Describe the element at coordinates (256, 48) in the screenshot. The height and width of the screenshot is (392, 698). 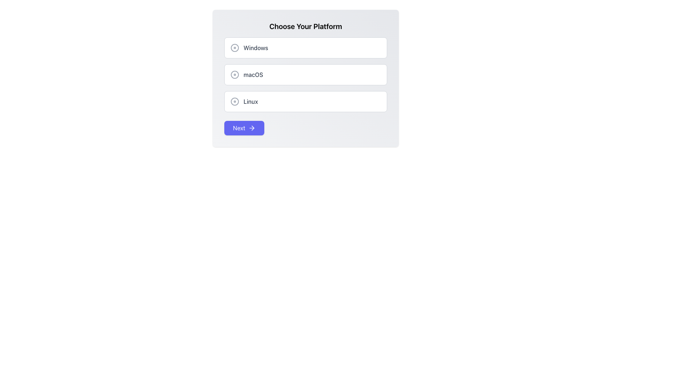
I see `text of the label displaying 'Windows' which is styled with a medium font weight and gray color, located in the first option of the 'Choose Your Platform' list, to the right of a circular icon` at that location.